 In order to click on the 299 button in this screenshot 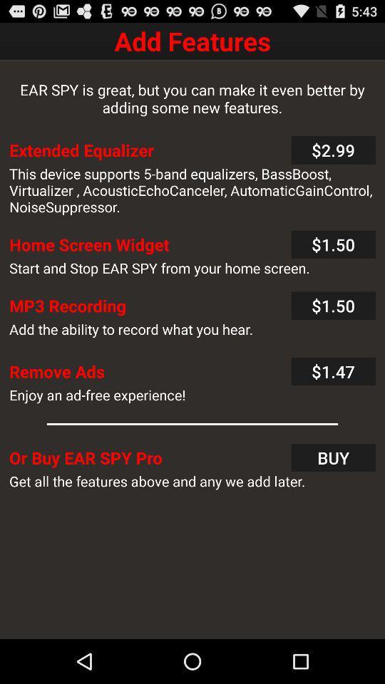, I will do `click(334, 150)`.